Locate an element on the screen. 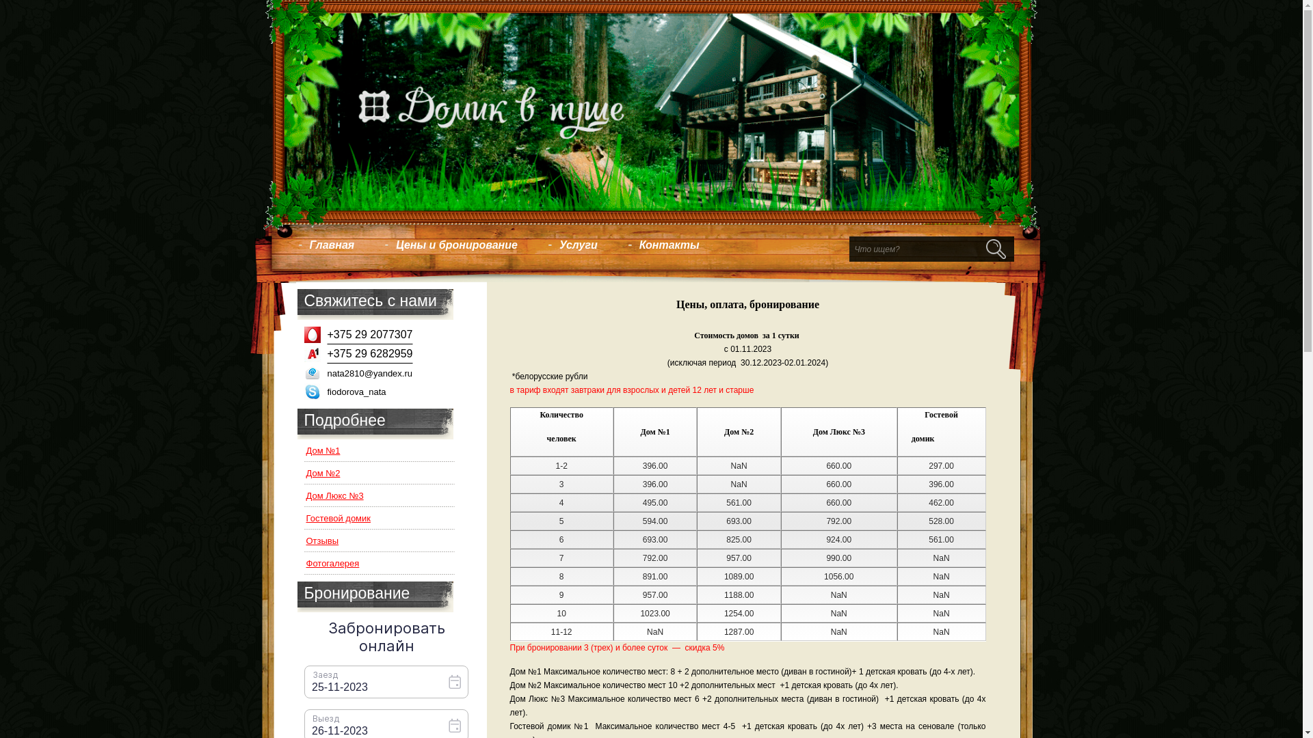 This screenshot has width=1313, height=738. '+375 29 2077307' is located at coordinates (366, 339).